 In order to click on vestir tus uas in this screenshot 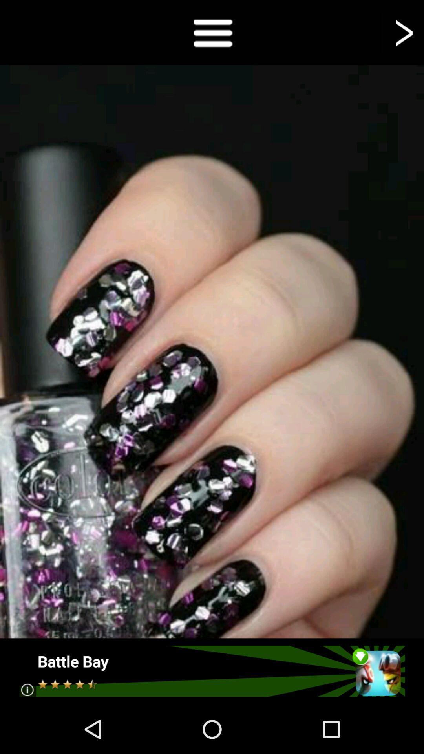, I will do `click(212, 32)`.